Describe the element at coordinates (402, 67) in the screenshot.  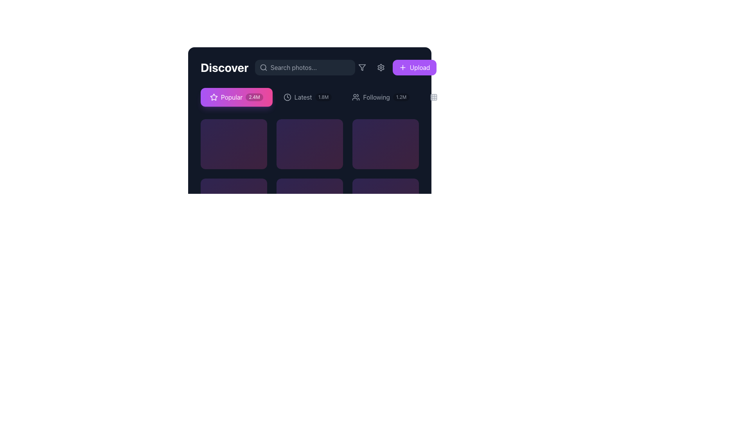
I see `the plus sign icon located centrally in the purple 'Upload' button` at that location.